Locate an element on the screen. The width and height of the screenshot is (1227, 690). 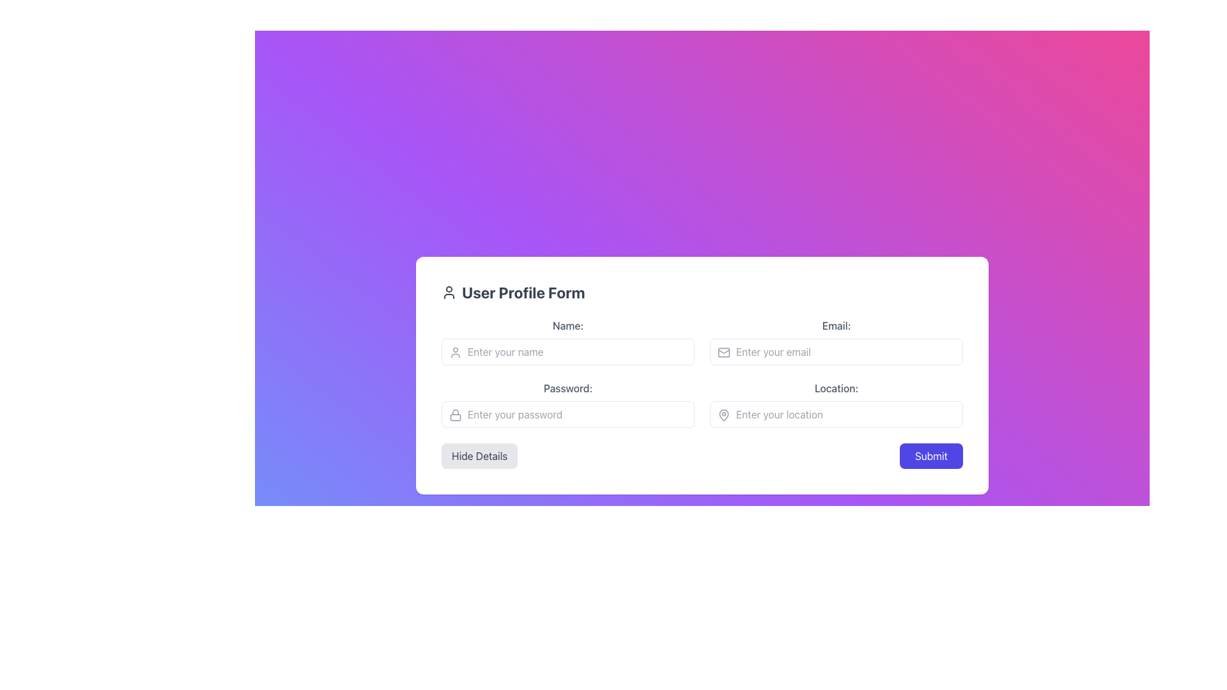
the upper part of the envelope icon, which is part of the email input field in the 'User Profile Form' card is located at coordinates (723, 352).